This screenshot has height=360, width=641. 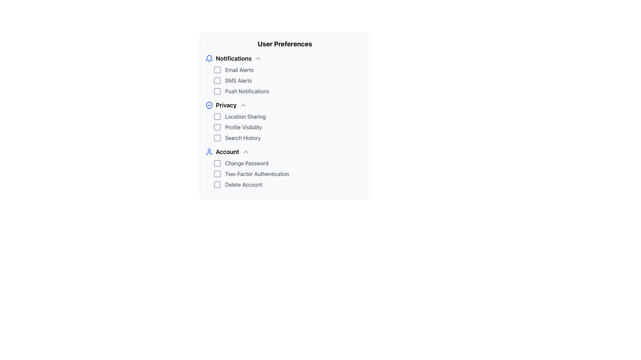 I want to click on the square-shaped checkbox icon with a thin light gray border located next to the 'Change Password' label in the 'Account' section of the 'User Preferences' interface, so click(x=217, y=163).